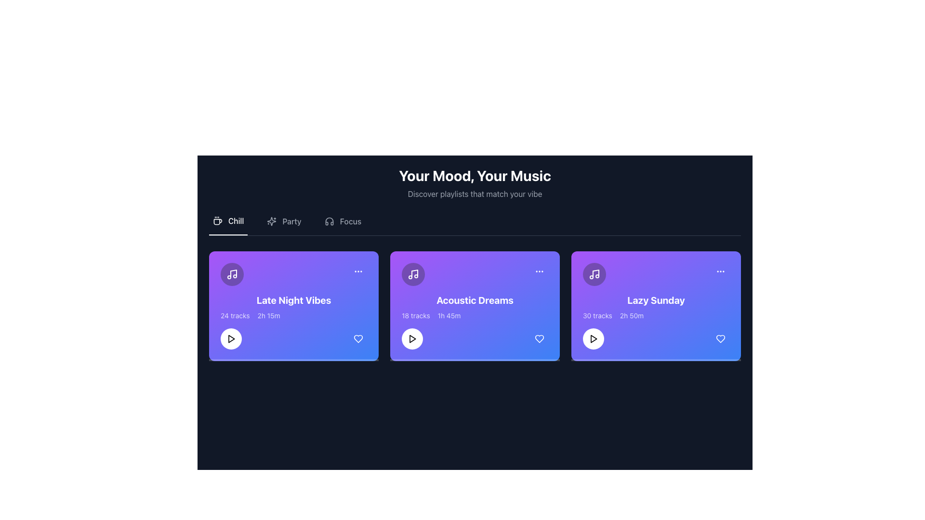 Image resolution: width=925 pixels, height=520 pixels. Describe the element at coordinates (412, 338) in the screenshot. I see `the play button for the 'Acoustic Dreams' playlist, which is centrally positioned within the second card of a three-card row` at that location.